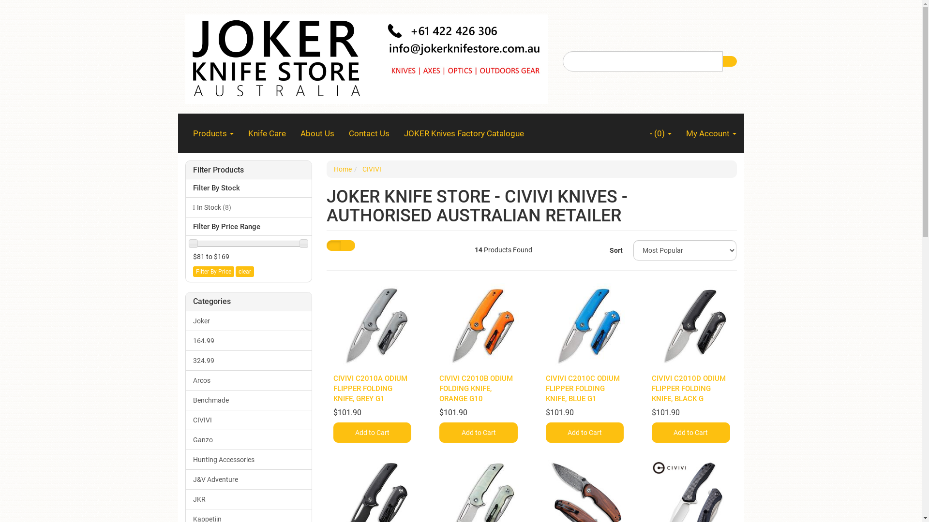 The height and width of the screenshot is (522, 929). What do you see at coordinates (248, 169) in the screenshot?
I see `'Filter Products'` at bounding box center [248, 169].